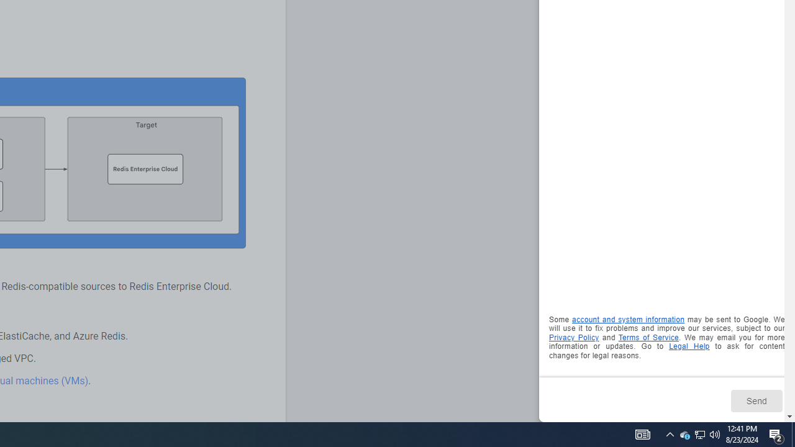 This screenshot has width=795, height=447. I want to click on 'account and system information', so click(629, 319).